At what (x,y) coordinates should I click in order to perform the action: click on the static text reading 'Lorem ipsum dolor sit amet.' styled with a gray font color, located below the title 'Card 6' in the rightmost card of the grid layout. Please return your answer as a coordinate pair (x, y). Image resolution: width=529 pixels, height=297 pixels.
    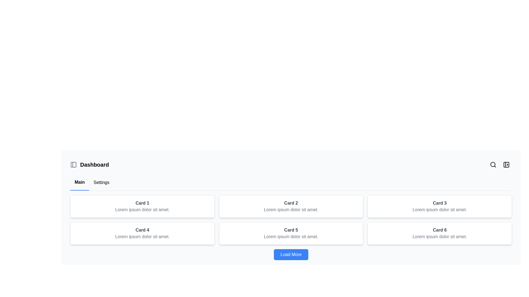
    Looking at the image, I should click on (439, 236).